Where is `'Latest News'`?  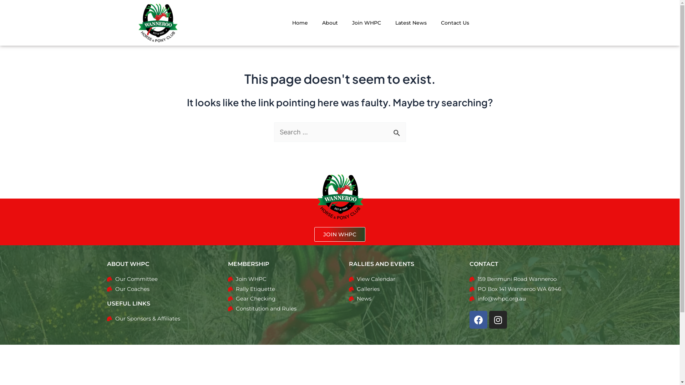
'Latest News' is located at coordinates (411, 22).